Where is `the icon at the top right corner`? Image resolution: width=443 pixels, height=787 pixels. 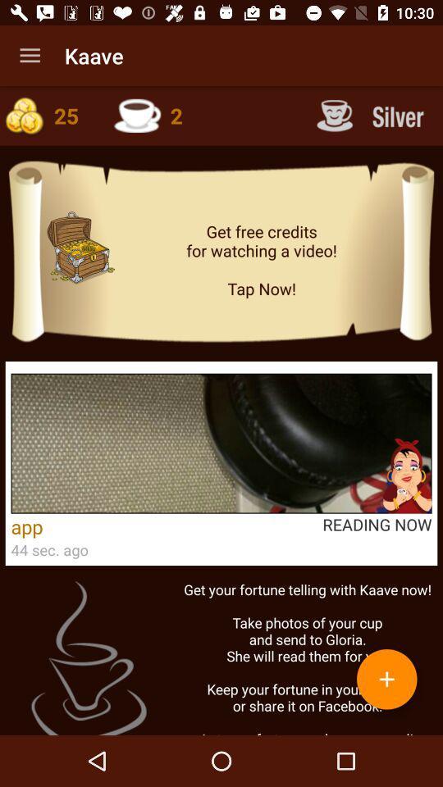
the icon at the top right corner is located at coordinates (372, 115).